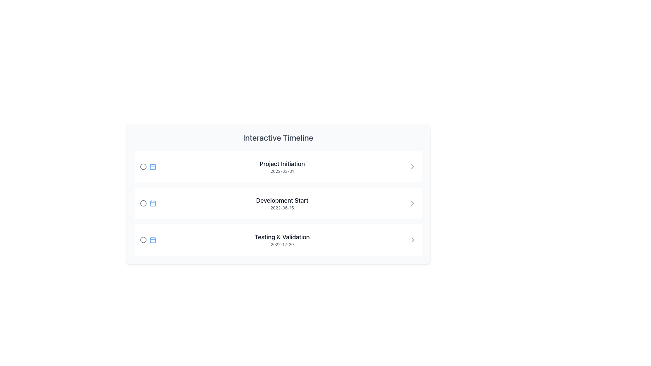  Describe the element at coordinates (278, 137) in the screenshot. I see `the text label that displays 'Interactive Timeline', which is bold and large, centered at the top of the section containing project milestones` at that location.